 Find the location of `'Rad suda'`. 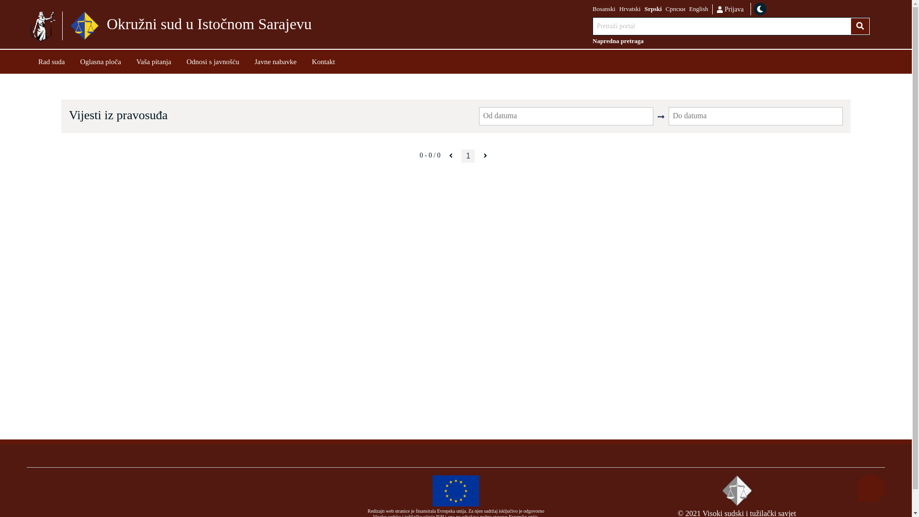

'Rad suda' is located at coordinates (51, 61).